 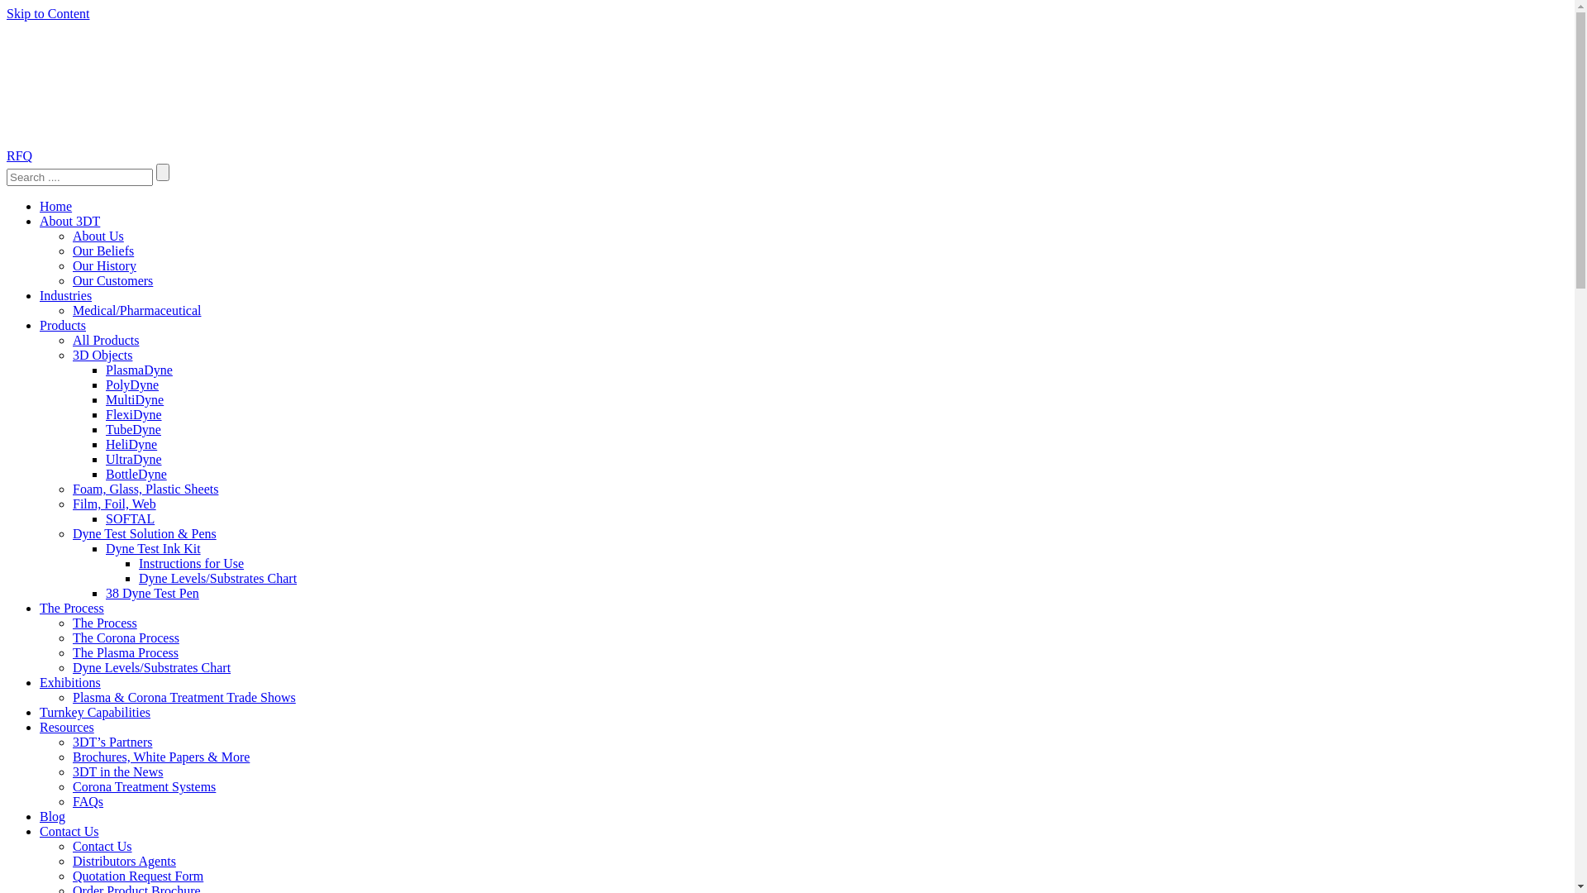 I want to click on 'Dyne Test Solution & Pens', so click(x=144, y=533).